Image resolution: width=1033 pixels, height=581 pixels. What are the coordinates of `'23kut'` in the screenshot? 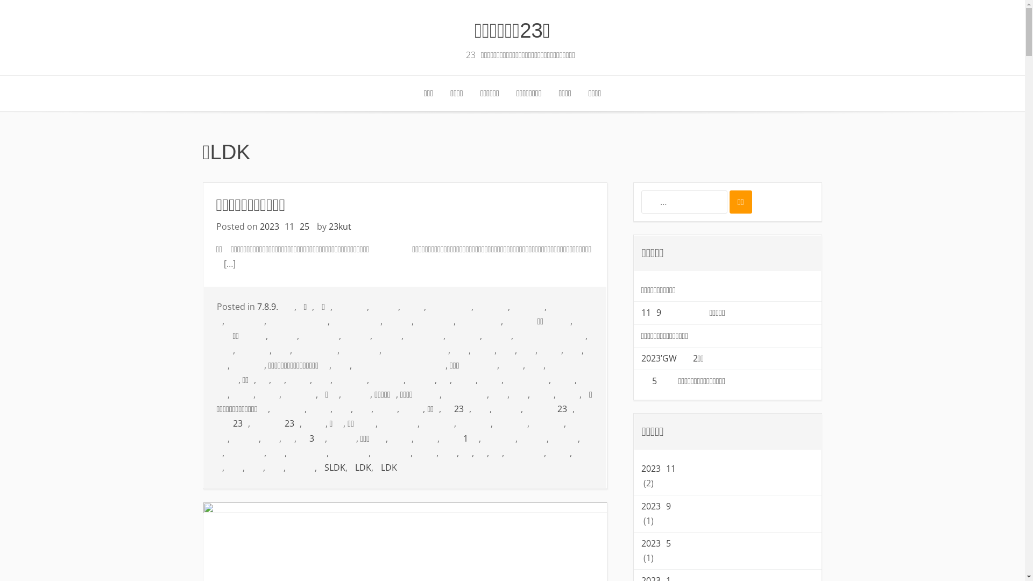 It's located at (327, 225).